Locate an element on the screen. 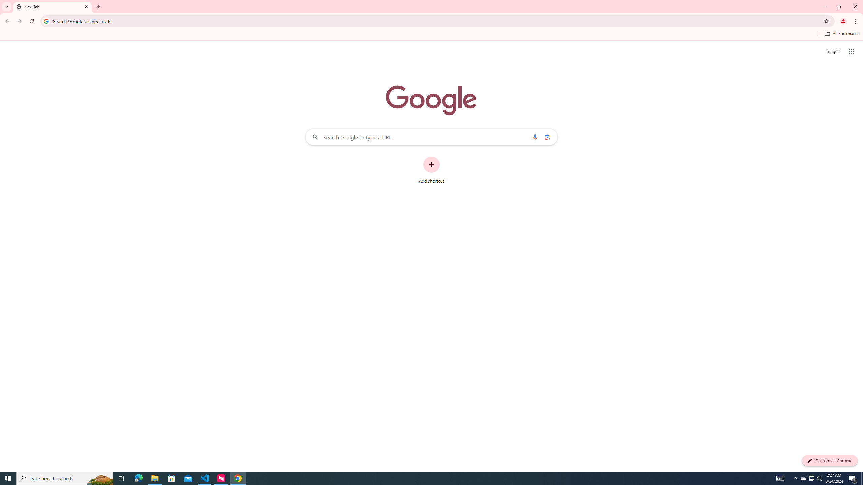  'New Tab' is located at coordinates (52, 6).